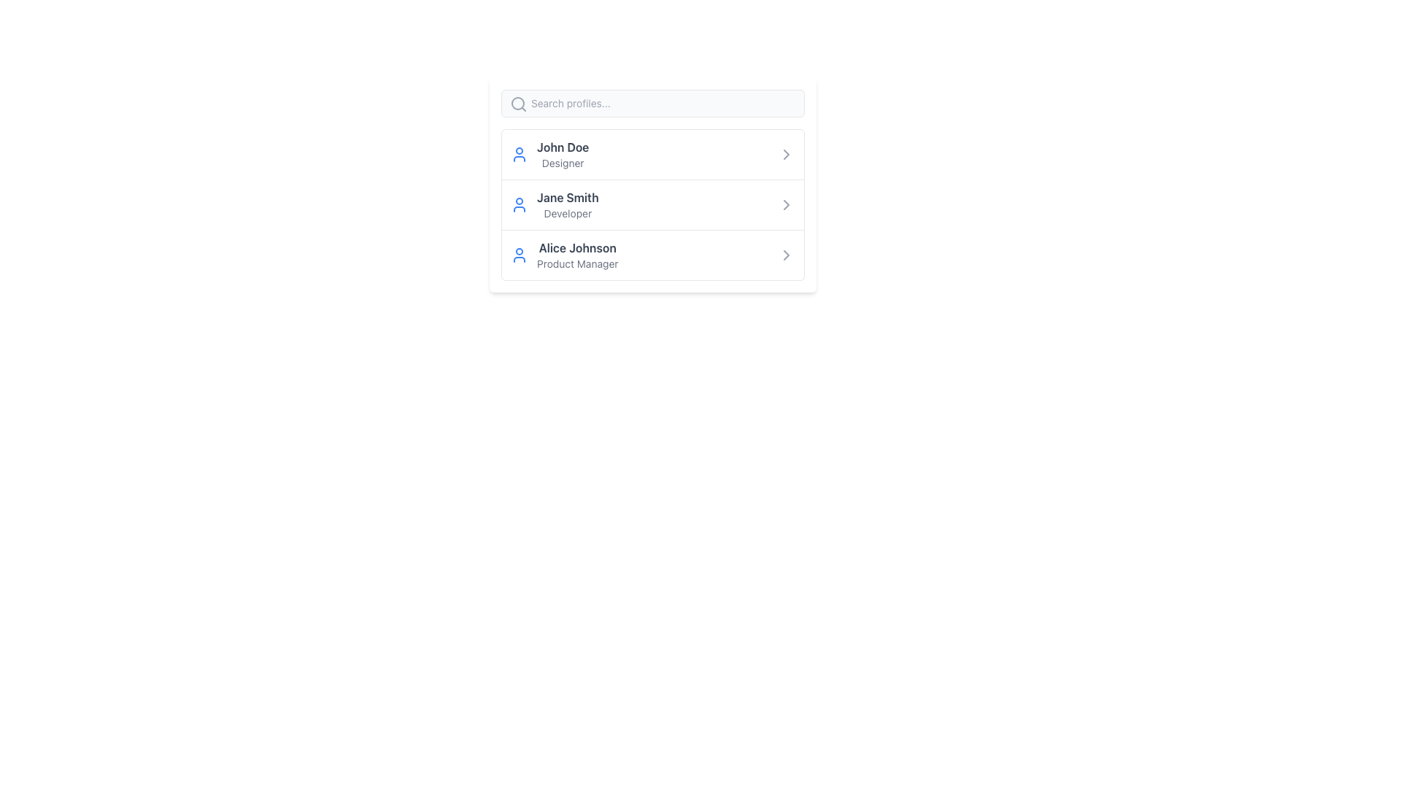  Describe the element at coordinates (652, 185) in the screenshot. I see `the profile search and selection interface, which is centrally located within the modal layout` at that location.